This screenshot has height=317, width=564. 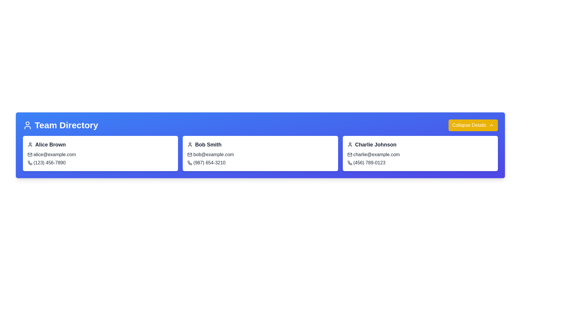 What do you see at coordinates (46, 163) in the screenshot?
I see `the phone number '(123) 456-7890'` at bounding box center [46, 163].